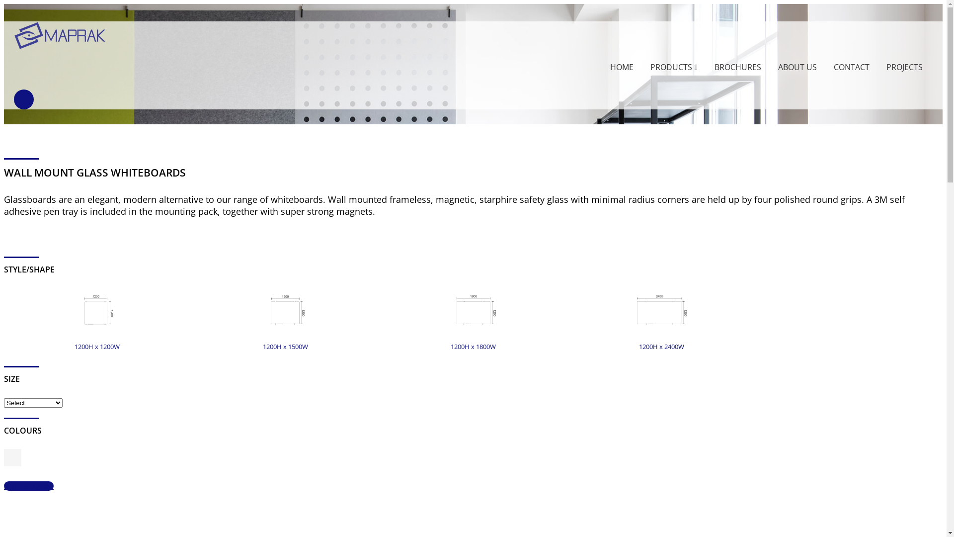 The height and width of the screenshot is (537, 954). Describe the element at coordinates (797, 67) in the screenshot. I see `'ABOUT US'` at that location.